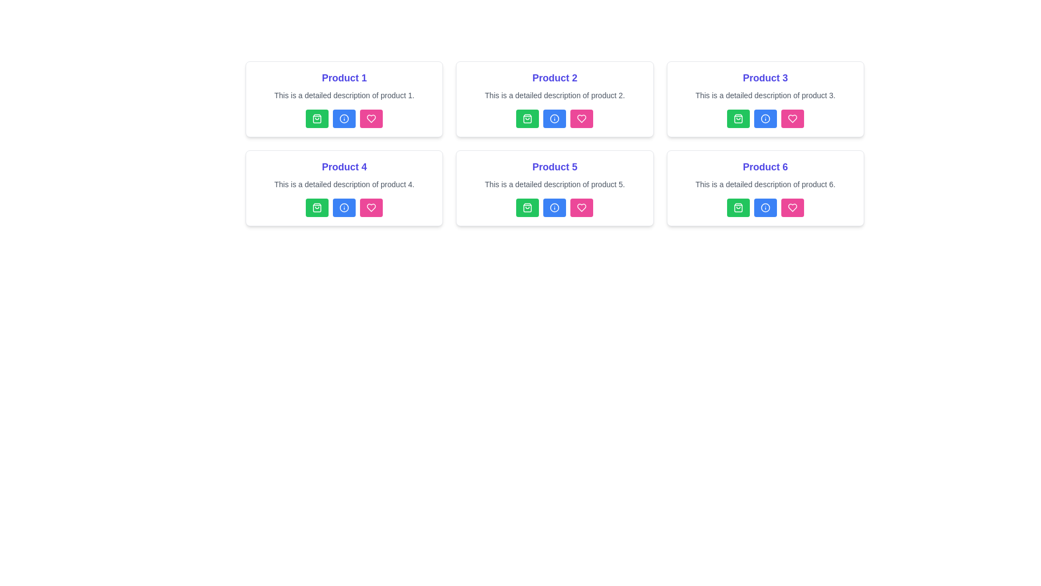 The image size is (1041, 586). Describe the element at coordinates (555, 119) in the screenshot. I see `the circular icon element with a blue stroke located beneath the 'Product 2' card in the center of the trio of action buttons` at that location.